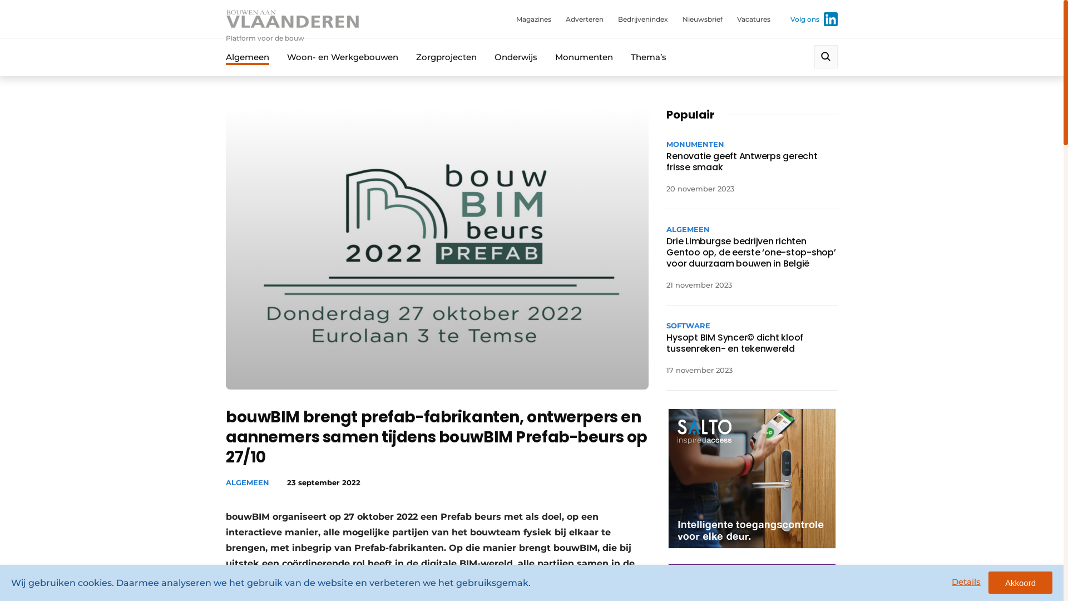  I want to click on 'Details', so click(966, 581).